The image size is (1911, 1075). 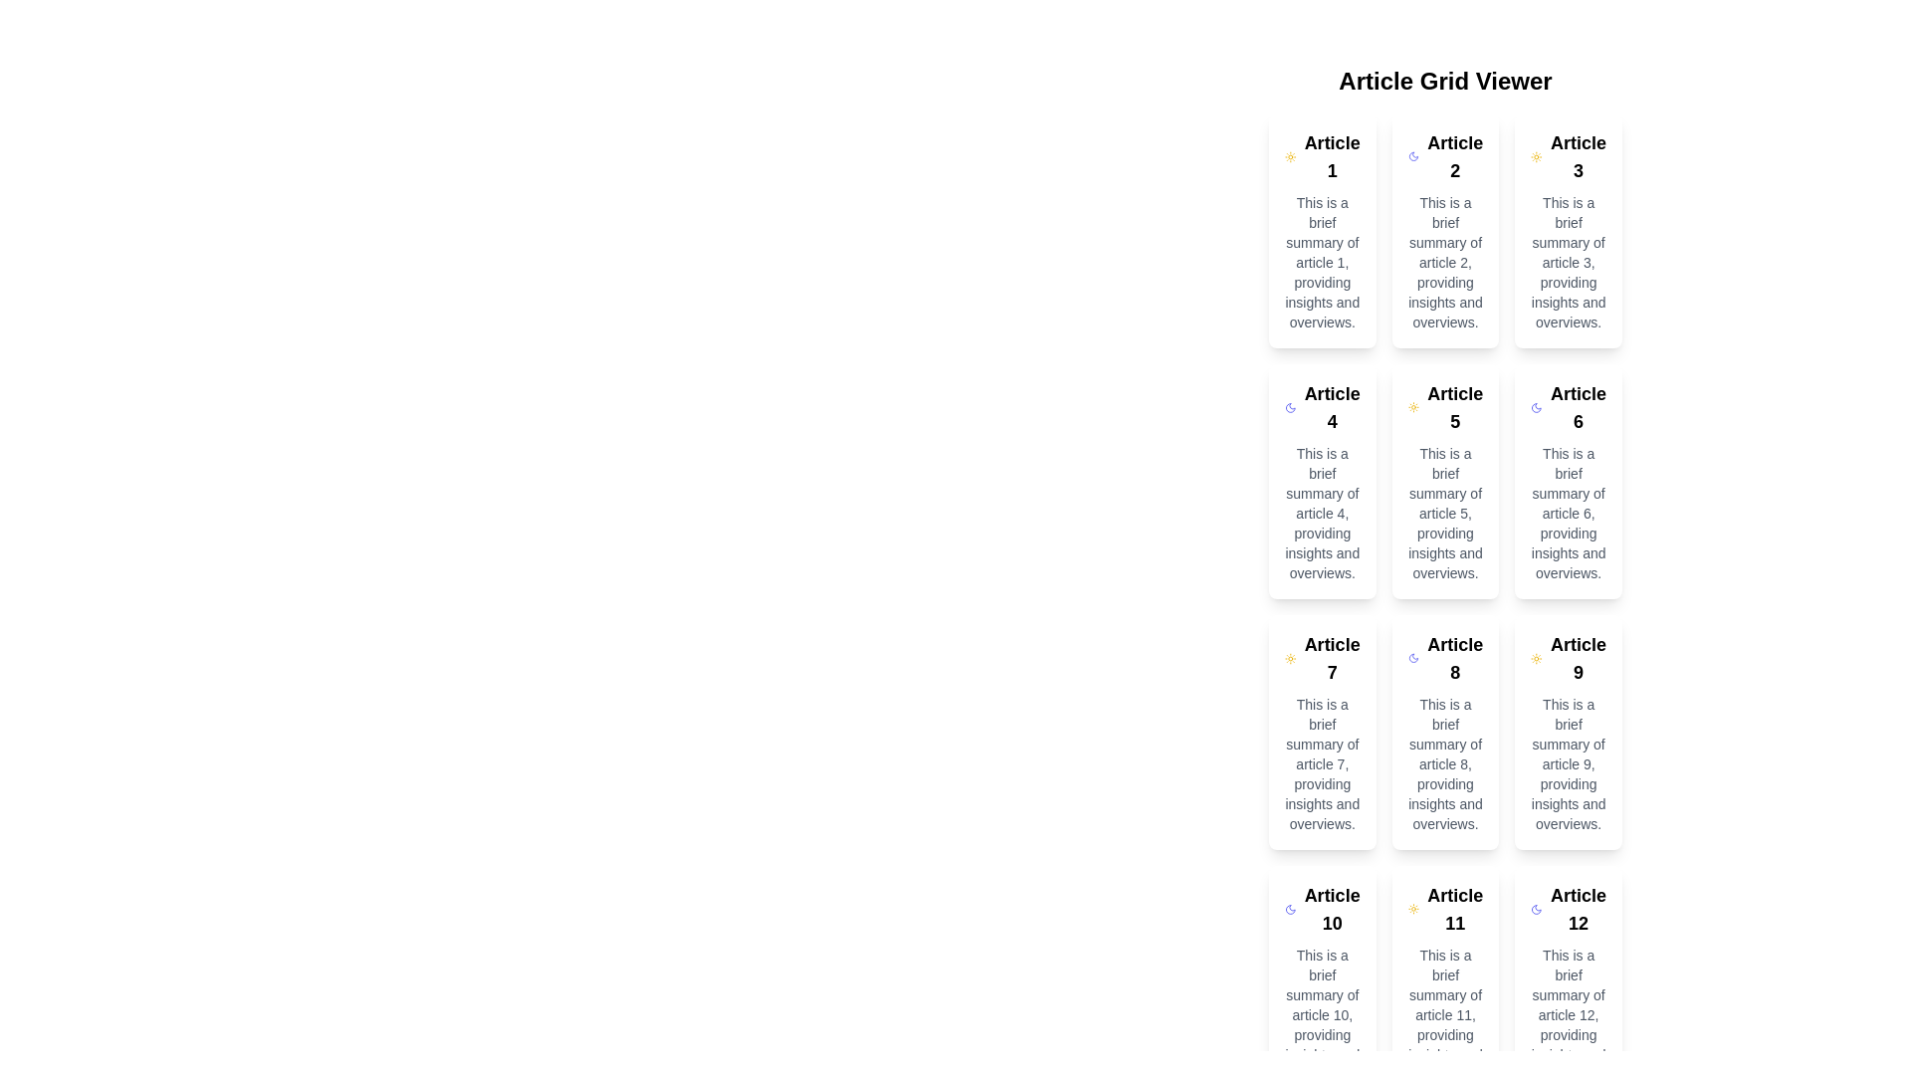 What do you see at coordinates (1568, 261) in the screenshot?
I see `text block displaying 'This is a brief summary of article 3, providing insights and overviews.' located in the third column of the grid layout beneath the 'Article 3' heading` at bounding box center [1568, 261].